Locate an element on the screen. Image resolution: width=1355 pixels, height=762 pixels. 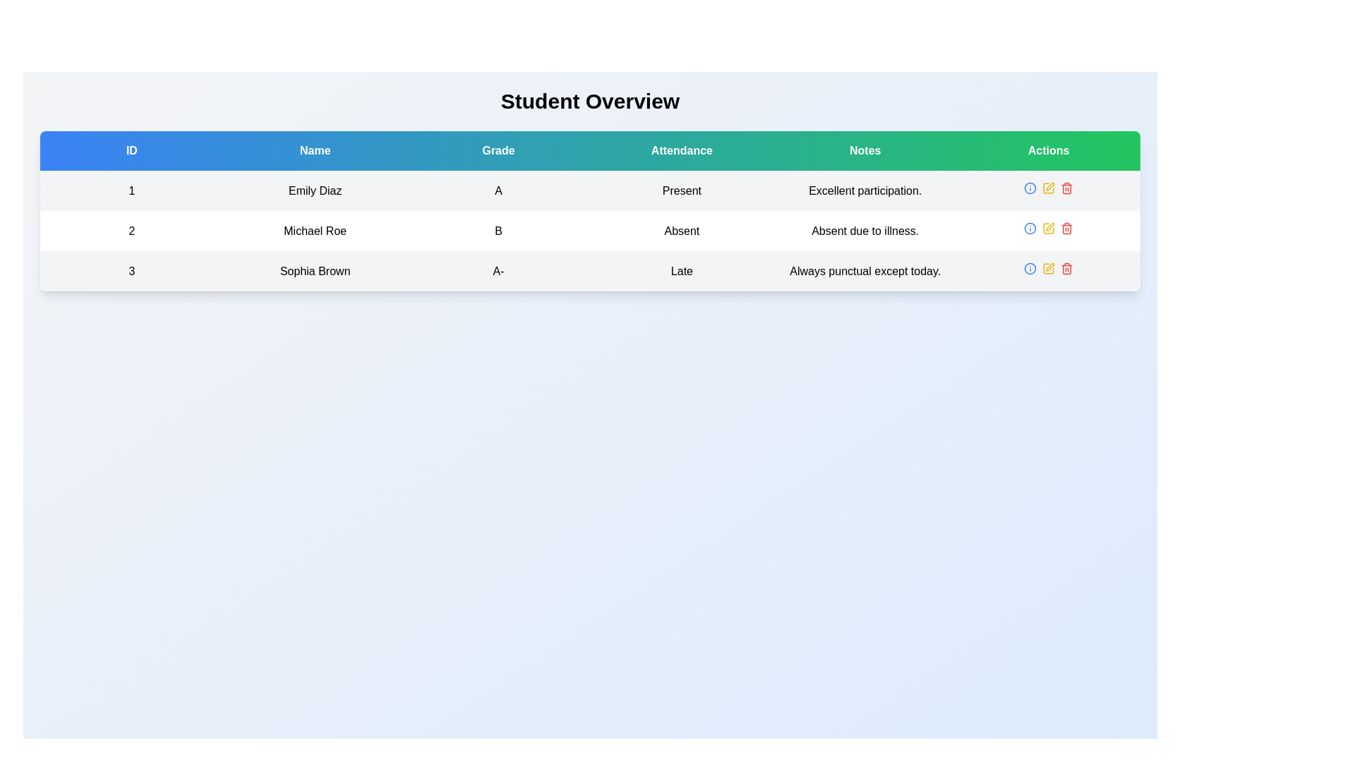
the text label that contains the phrase 'Excellent participation.' in the 'Notes' column for student 'Emily Diaz.' is located at coordinates (865, 190).